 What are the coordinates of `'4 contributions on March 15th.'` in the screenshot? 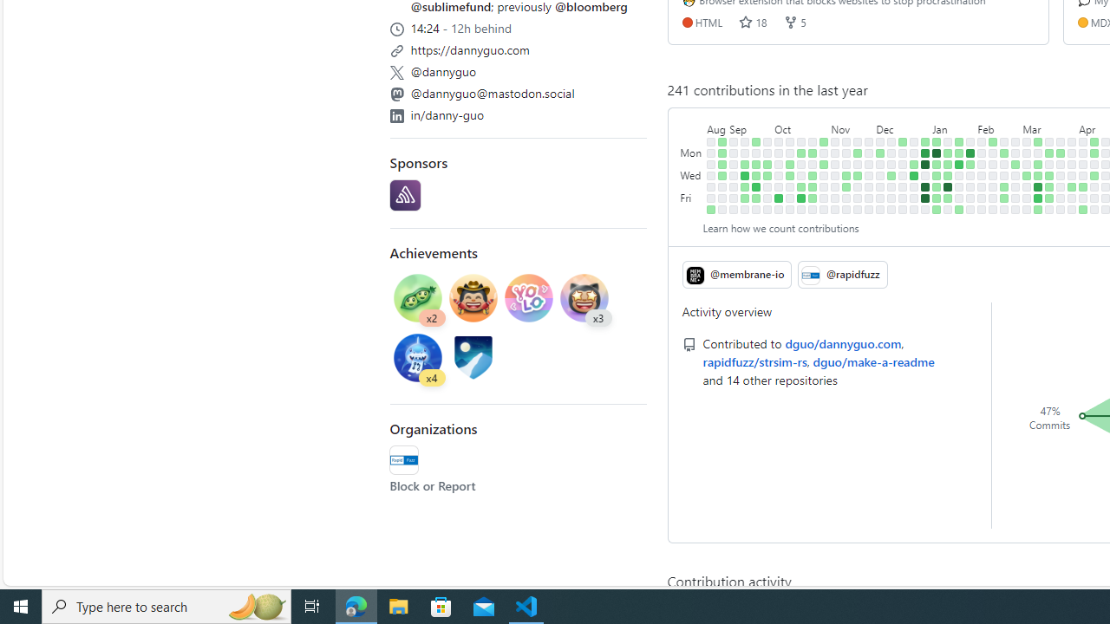 It's located at (1038, 197).